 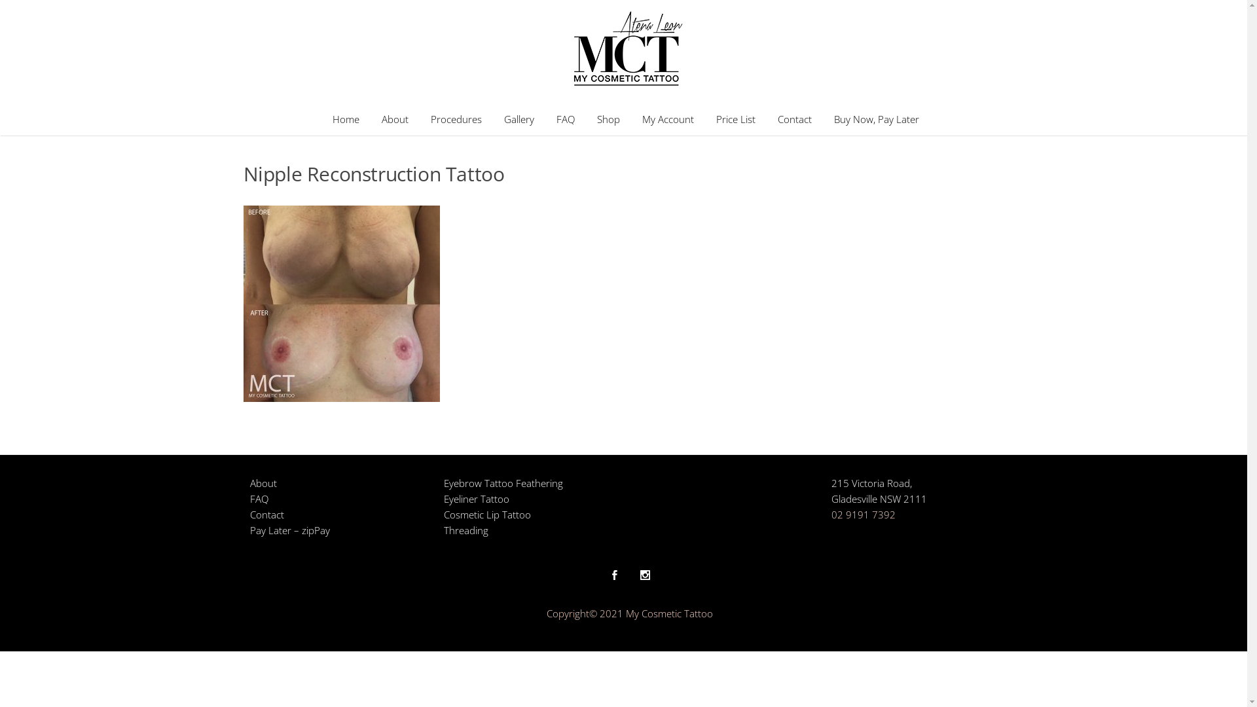 I want to click on 'My Account', so click(x=632, y=118).